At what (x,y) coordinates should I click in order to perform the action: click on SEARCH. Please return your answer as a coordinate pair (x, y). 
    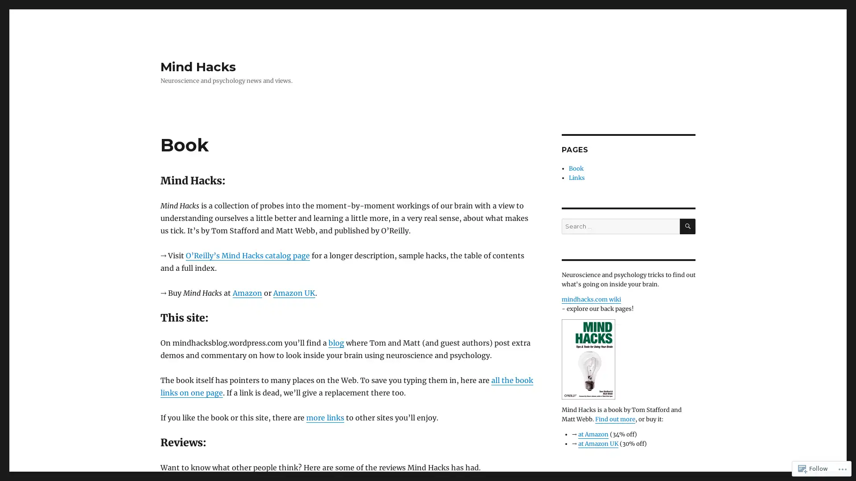
    Looking at the image, I should click on (687, 226).